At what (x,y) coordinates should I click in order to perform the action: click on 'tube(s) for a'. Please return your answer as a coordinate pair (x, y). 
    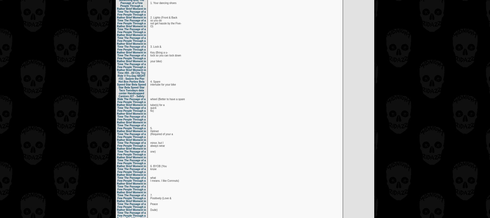
    Looking at the image, I should click on (157, 105).